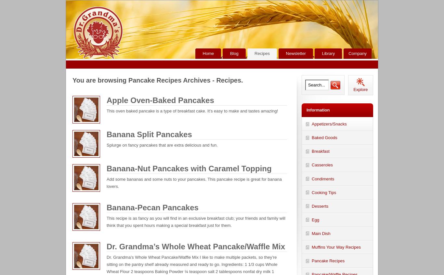 The image size is (444, 275). Describe the element at coordinates (324, 192) in the screenshot. I see `'Cooking Tips'` at that location.